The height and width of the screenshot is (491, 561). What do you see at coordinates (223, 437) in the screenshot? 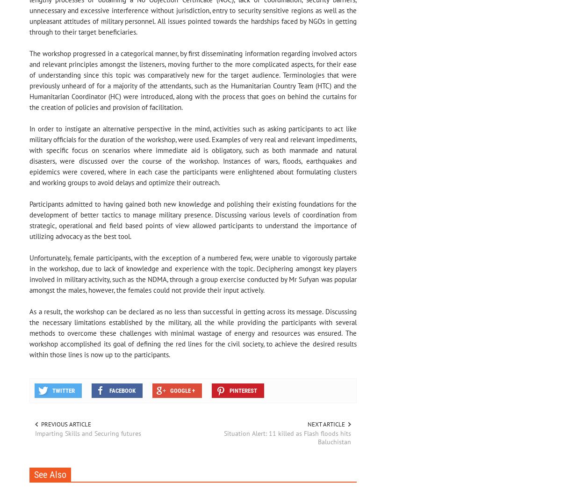
I see `'Situation Alert: 11 killed as Flash floods hits Baluchistan'` at bounding box center [223, 437].